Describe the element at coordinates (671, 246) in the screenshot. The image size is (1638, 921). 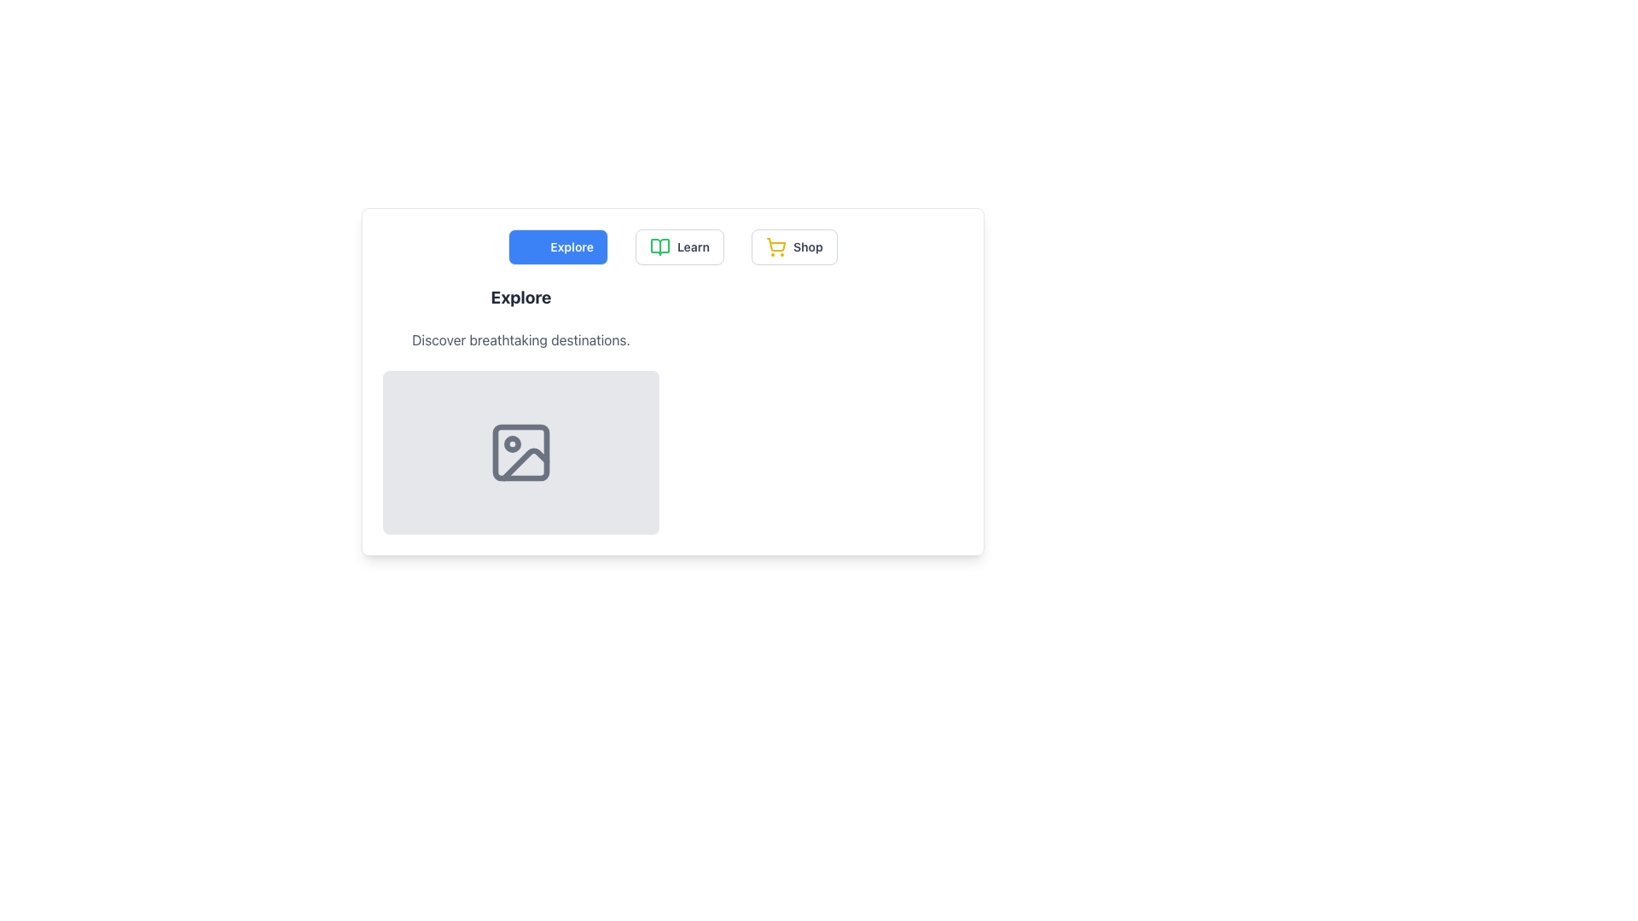
I see `the 'Learn' button, which is the second button in a horizontal navigation section at the top of a card interface` at that location.